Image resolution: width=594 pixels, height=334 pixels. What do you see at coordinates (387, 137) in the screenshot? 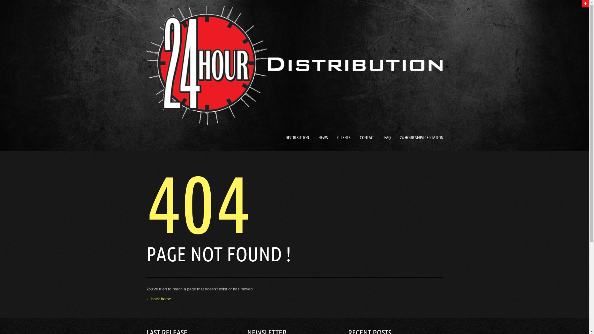
I see `'FAQ'` at bounding box center [387, 137].